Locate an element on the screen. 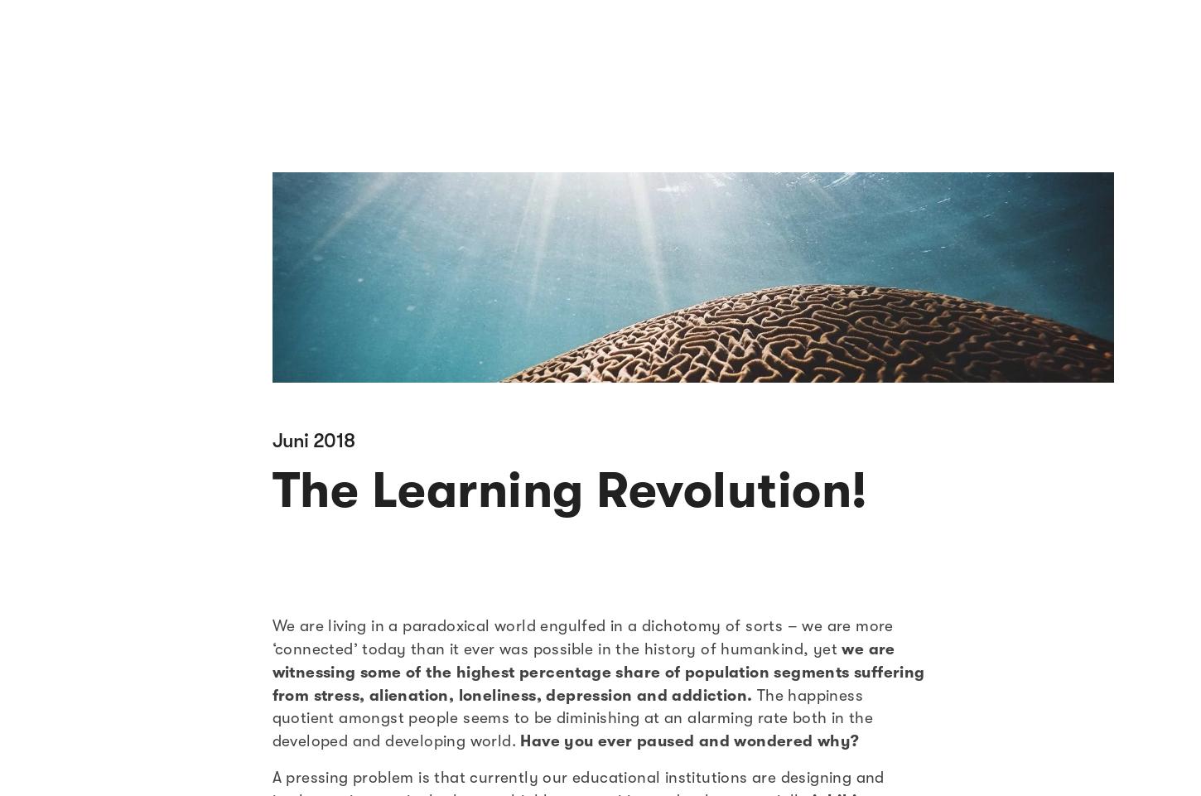 The image size is (1201, 796). 'Das Ziel einer nachhaltigen Zukunft können wir nur gemeinsam erreichen.' is located at coordinates (158, 244).